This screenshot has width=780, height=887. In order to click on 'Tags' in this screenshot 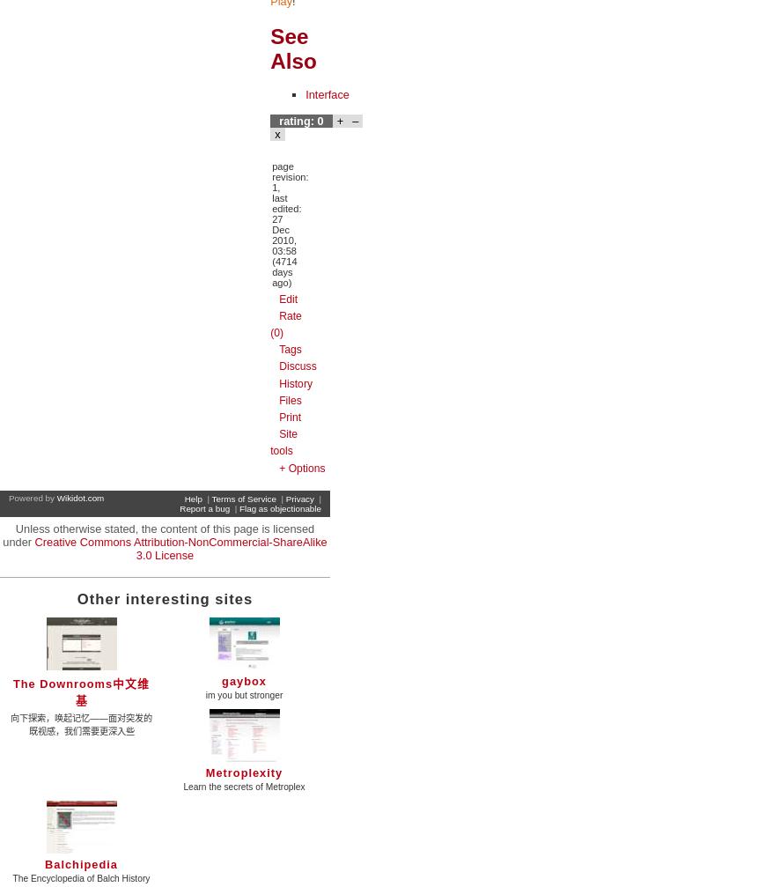, I will do `click(289, 349)`.